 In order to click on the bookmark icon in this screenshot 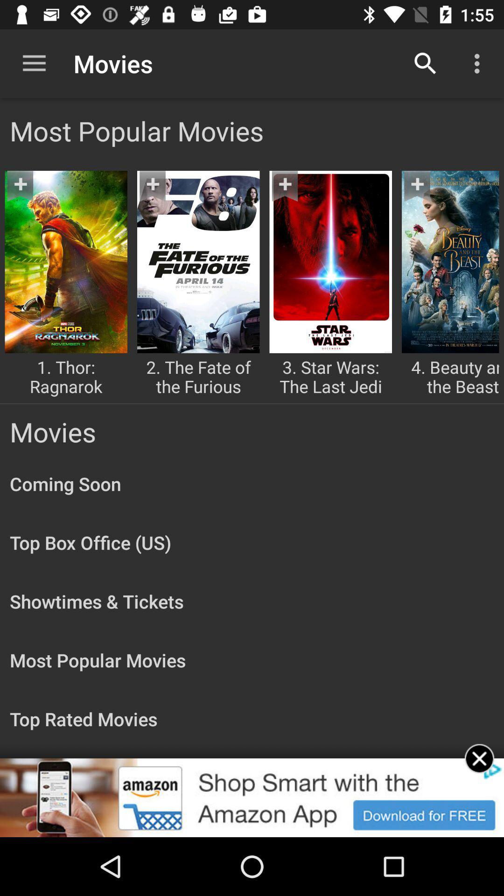, I will do `click(293, 195)`.